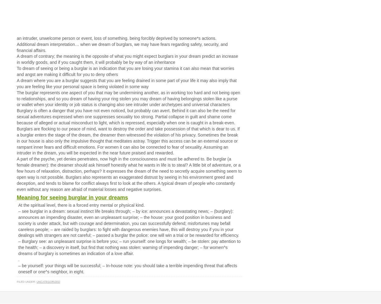  Describe the element at coordinates (126, 83) in the screenshot. I see `'A dream where you are a burglar suggests that you are feeling drained in some part of your life it may also imply that you are feeling like your personal space is being violated in some way'` at that location.